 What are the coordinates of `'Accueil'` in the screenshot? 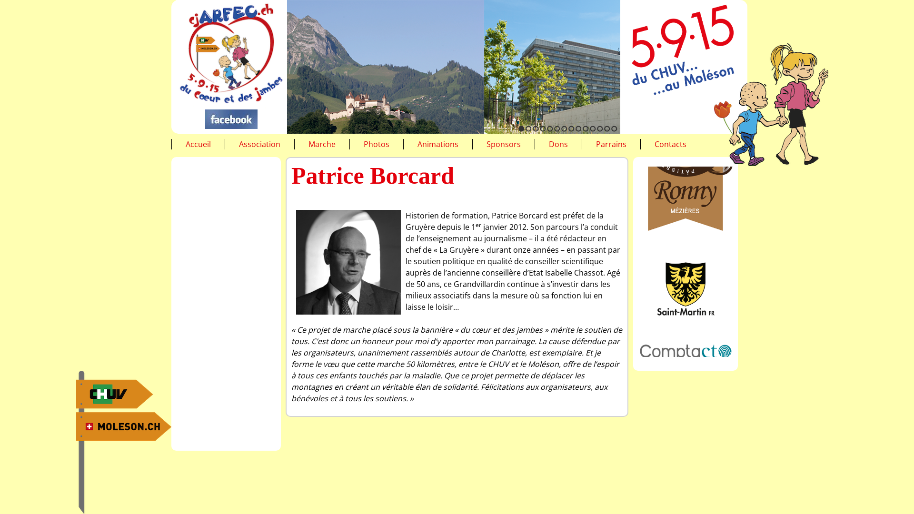 It's located at (231, 54).